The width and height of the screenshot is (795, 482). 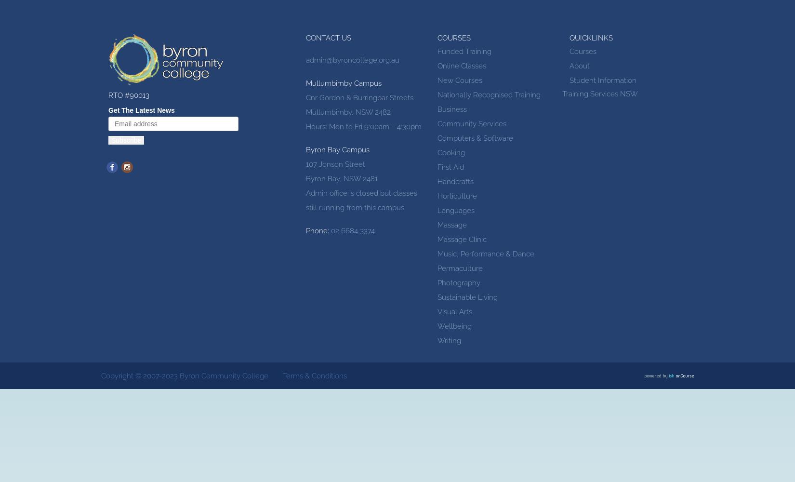 What do you see at coordinates (305, 201) in the screenshot?
I see `'Admin office is closed but classes still running from this campus'` at bounding box center [305, 201].